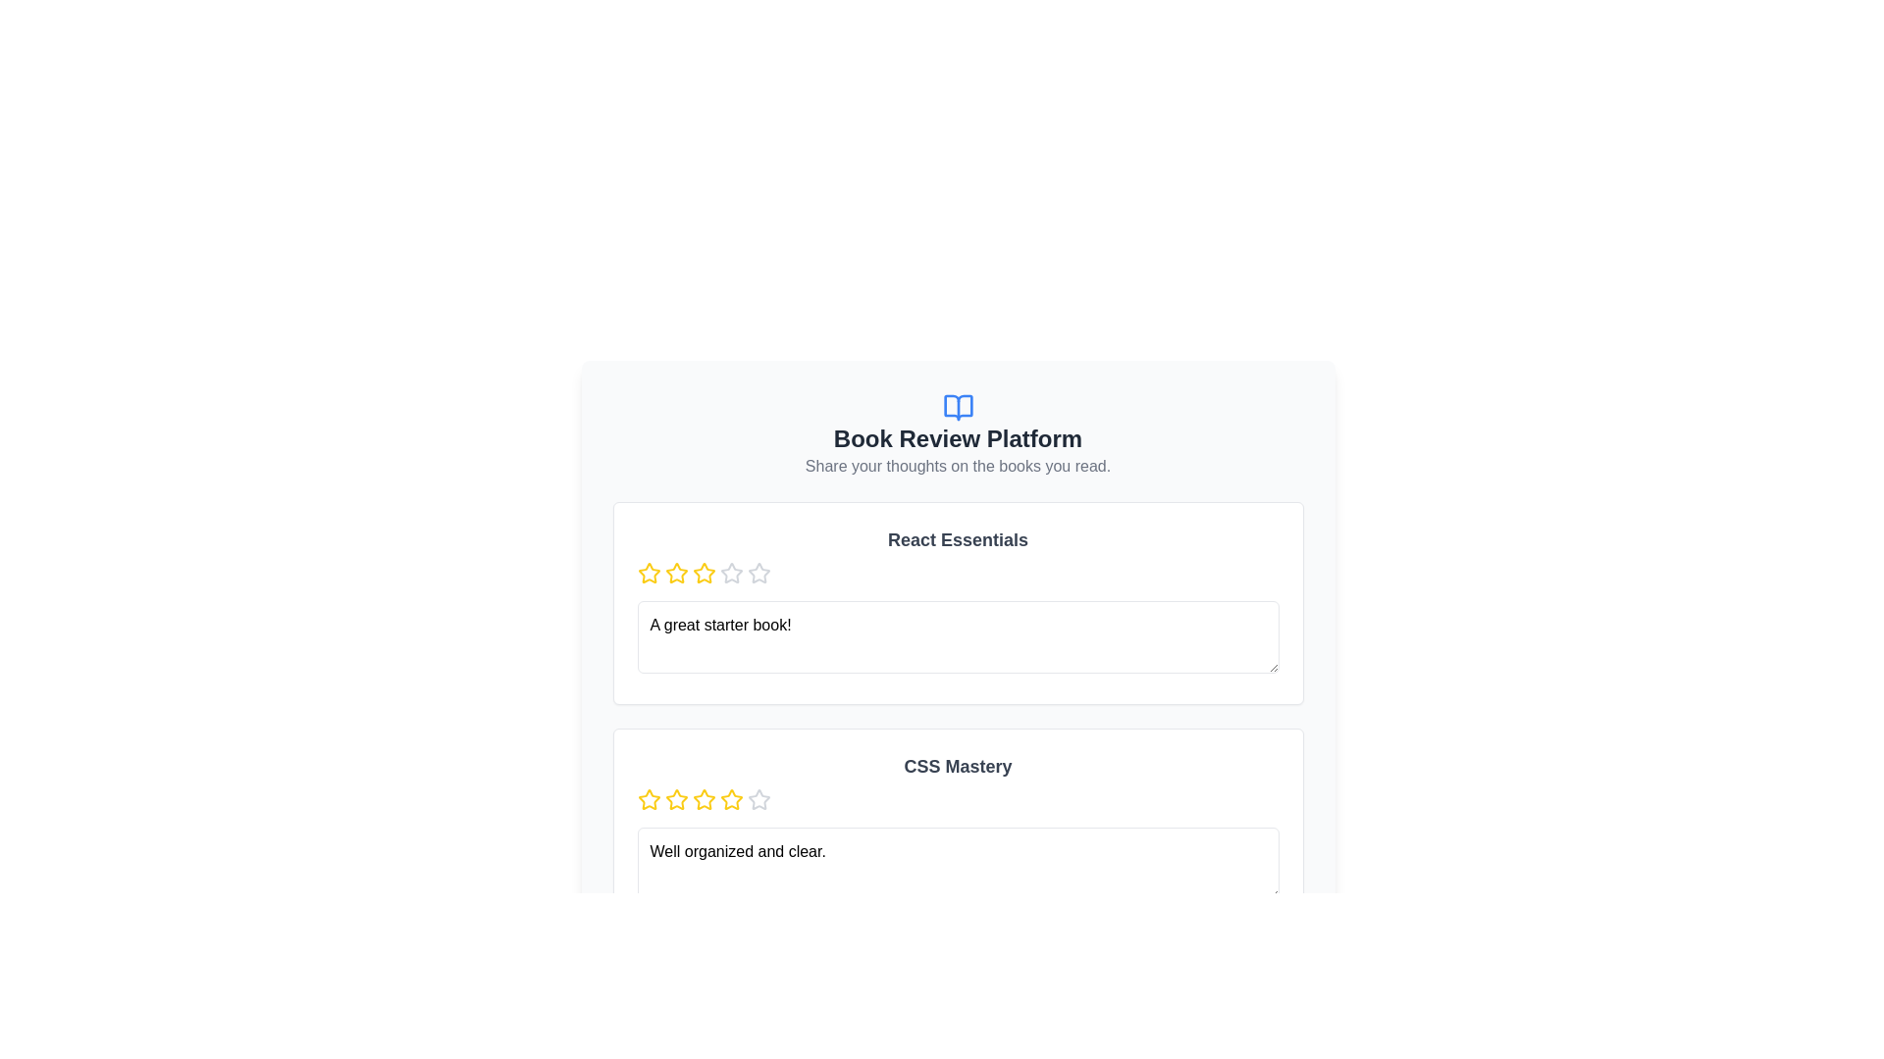  What do you see at coordinates (730, 574) in the screenshot?
I see `the fifth star icon in the rating control for 'React Essentials'` at bounding box center [730, 574].